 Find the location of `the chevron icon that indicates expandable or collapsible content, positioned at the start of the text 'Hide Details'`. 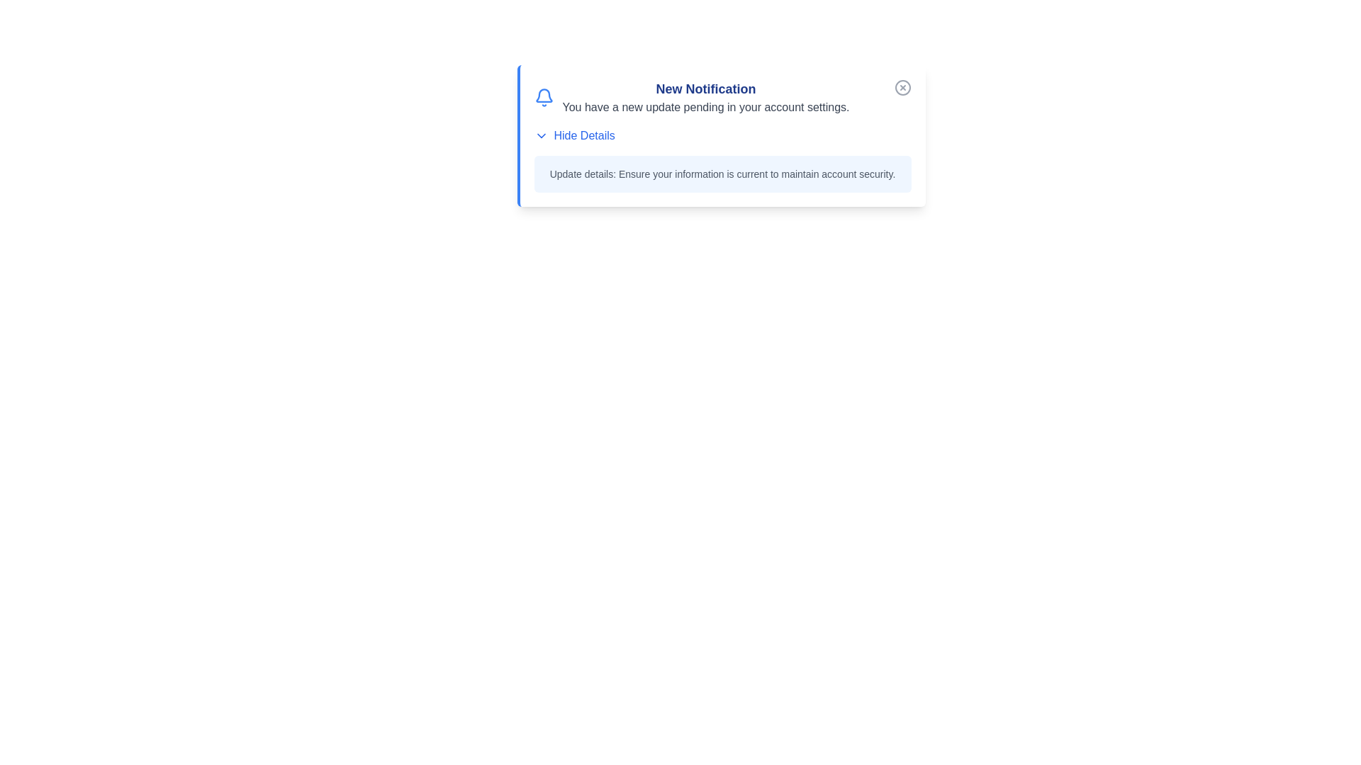

the chevron icon that indicates expandable or collapsible content, positioned at the start of the text 'Hide Details' is located at coordinates (540, 136).